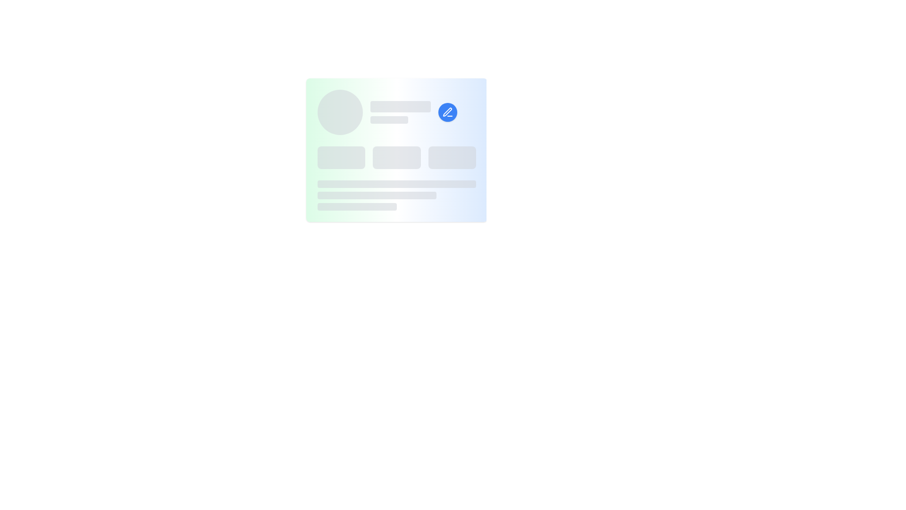 This screenshot has width=906, height=510. I want to click on the edit icon located in the top-right corner of the card-like interface to initiate an action, so click(447, 111).